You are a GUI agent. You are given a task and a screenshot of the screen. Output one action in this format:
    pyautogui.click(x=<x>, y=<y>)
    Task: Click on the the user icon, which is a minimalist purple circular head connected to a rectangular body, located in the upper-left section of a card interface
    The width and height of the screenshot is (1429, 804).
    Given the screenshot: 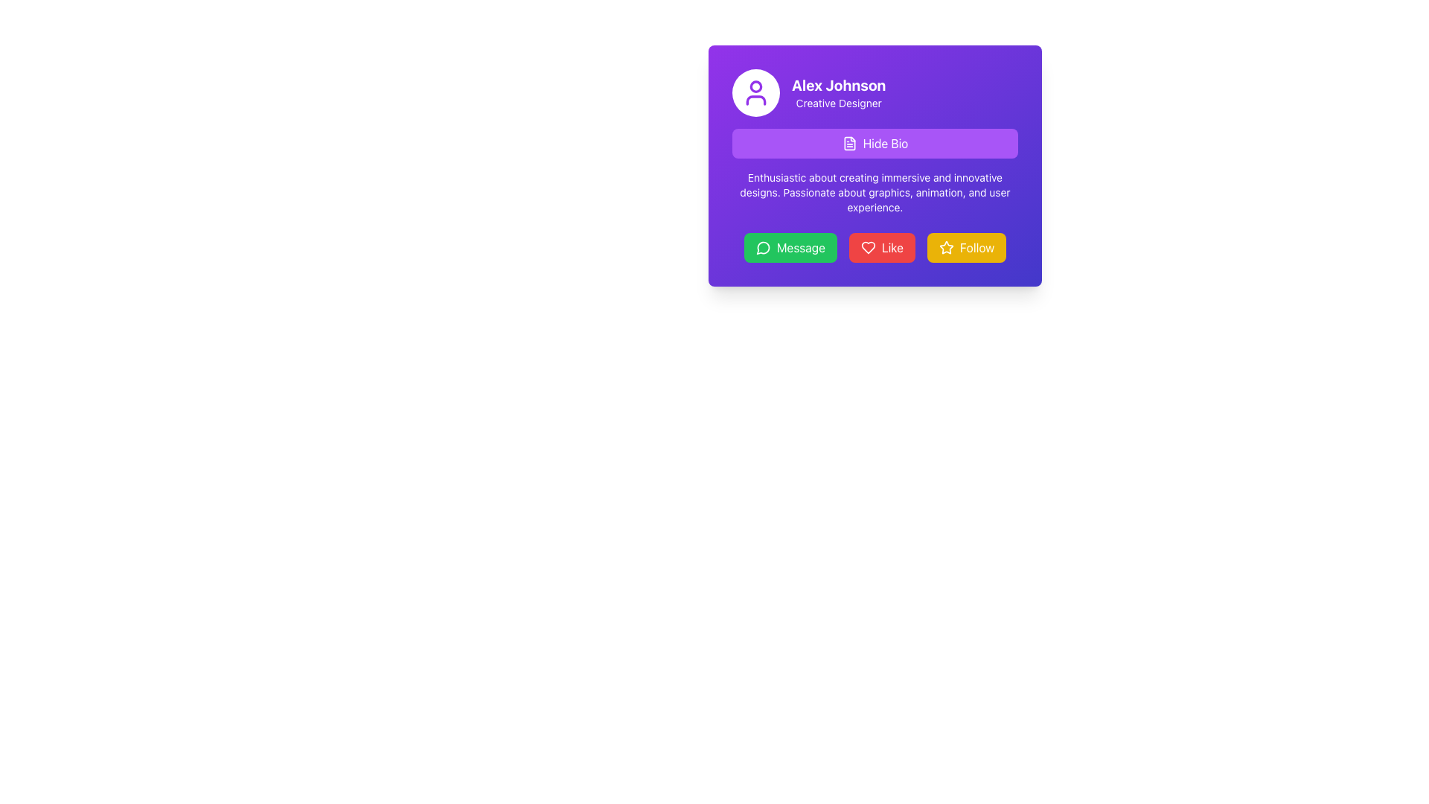 What is the action you would take?
    pyautogui.click(x=756, y=92)
    